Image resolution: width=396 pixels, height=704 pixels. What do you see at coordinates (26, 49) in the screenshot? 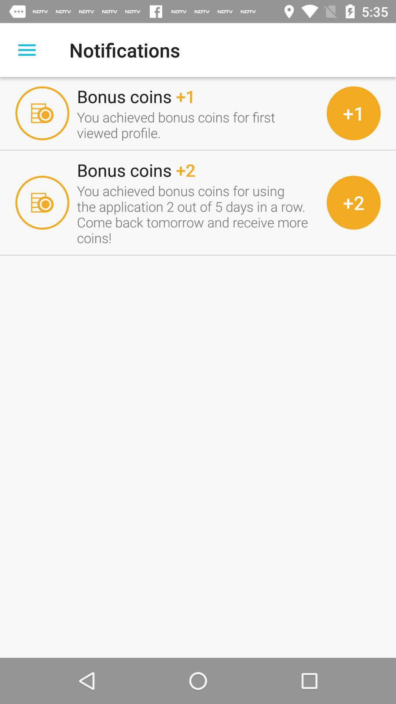
I see `the icon to the left of notifications` at bounding box center [26, 49].